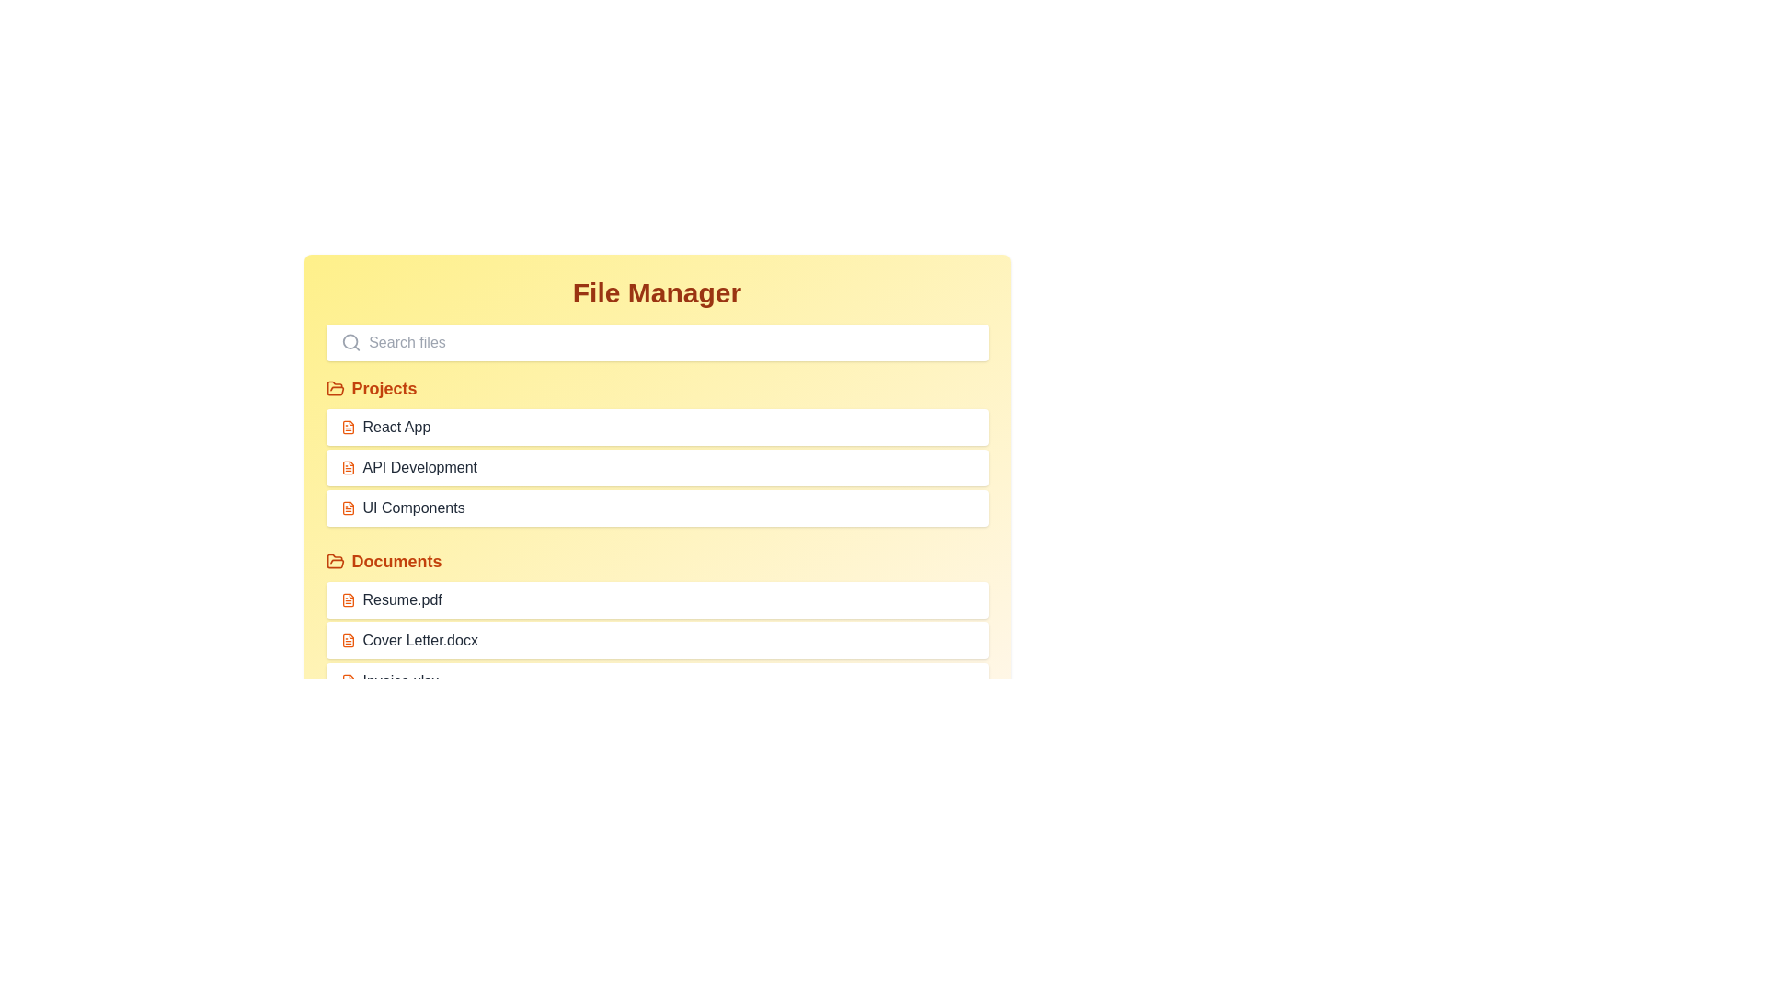  What do you see at coordinates (657, 467) in the screenshot?
I see `the file named API Development to select it` at bounding box center [657, 467].